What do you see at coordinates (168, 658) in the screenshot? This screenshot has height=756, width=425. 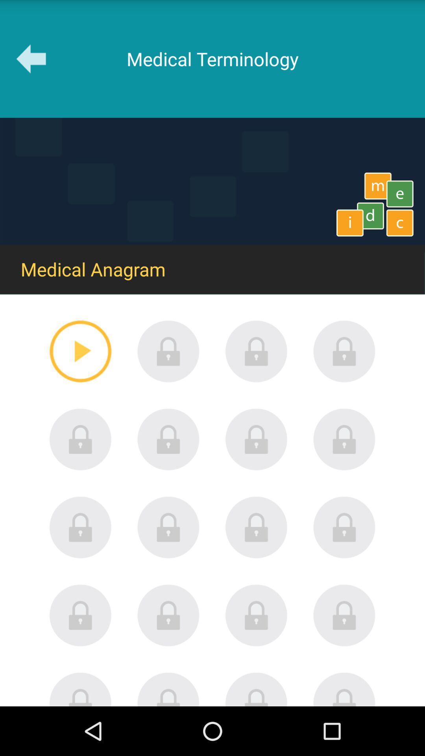 I see `the lock icon` at bounding box center [168, 658].